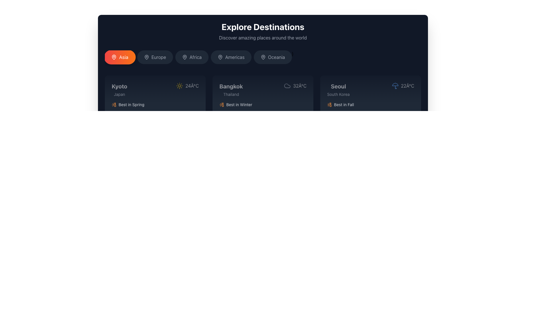 Image resolution: width=550 pixels, height=309 pixels. Describe the element at coordinates (123, 57) in the screenshot. I see `the 'Asia' text label inside the button, which is styled with a white color on a red-to-orange gradient background and located to the leftmost of the row of region selection buttons` at that location.